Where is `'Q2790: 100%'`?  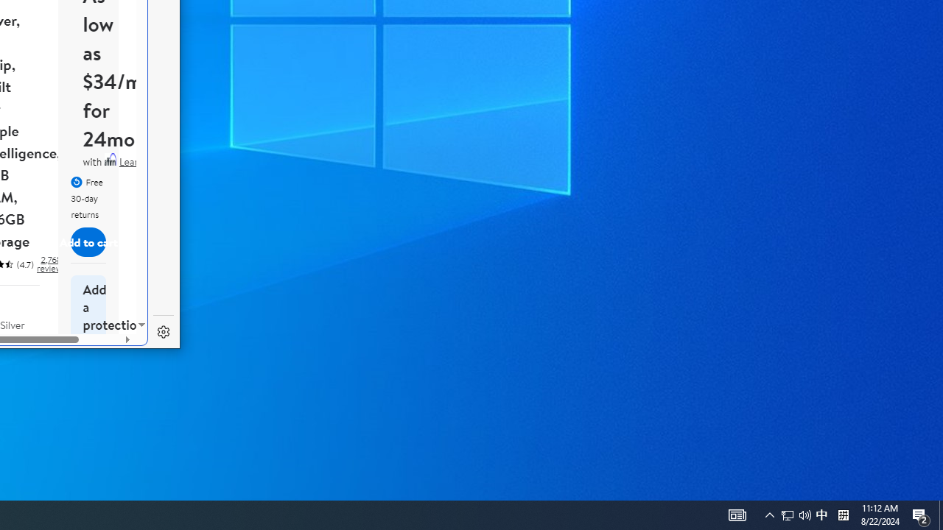 'Q2790: 100%' is located at coordinates (804, 514).